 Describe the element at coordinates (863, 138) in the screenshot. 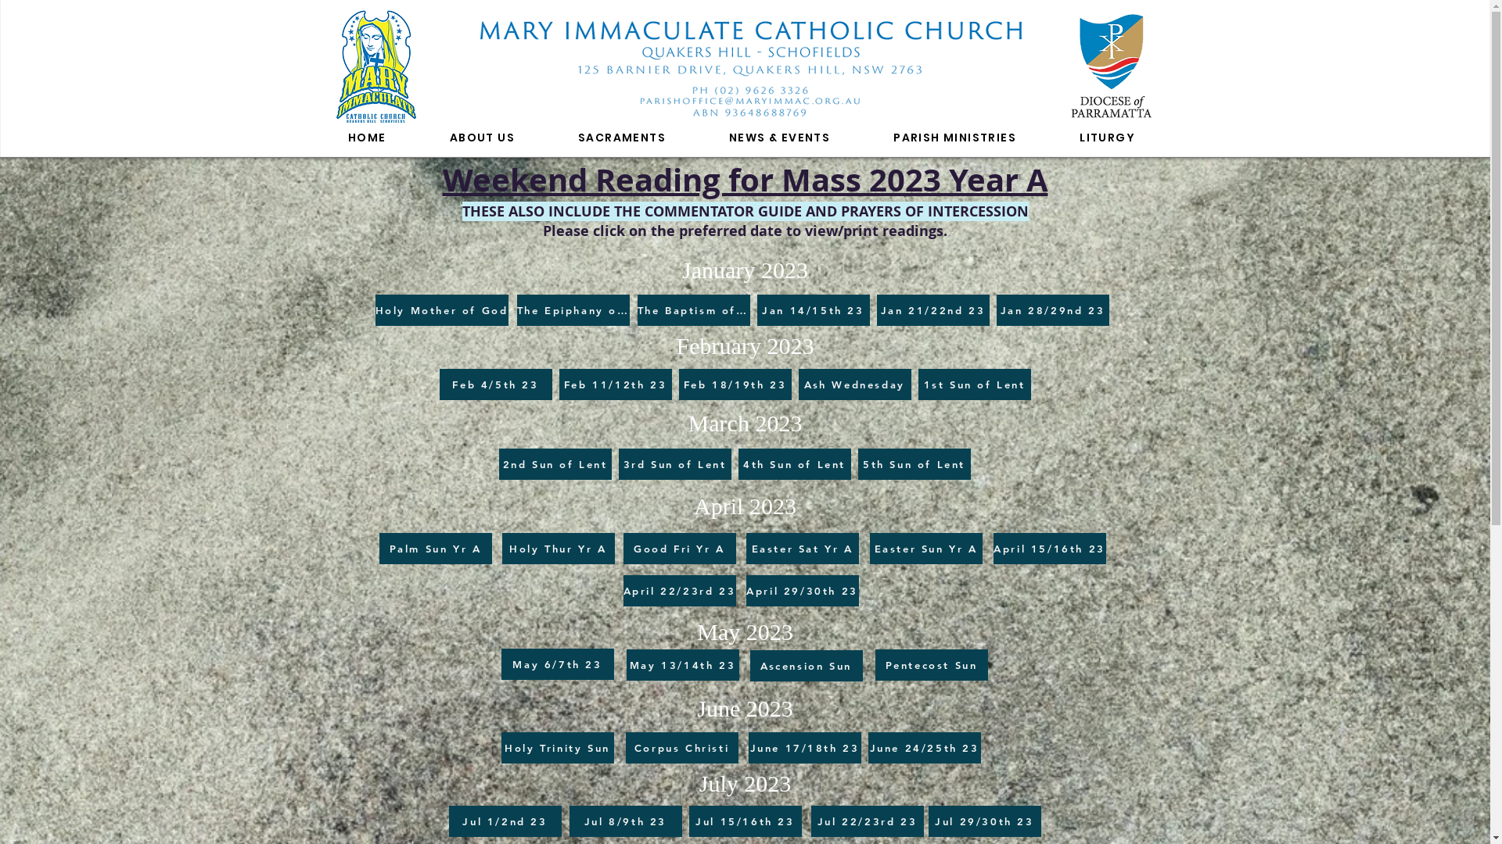

I see `'PARISH MINISTRIES'` at that location.